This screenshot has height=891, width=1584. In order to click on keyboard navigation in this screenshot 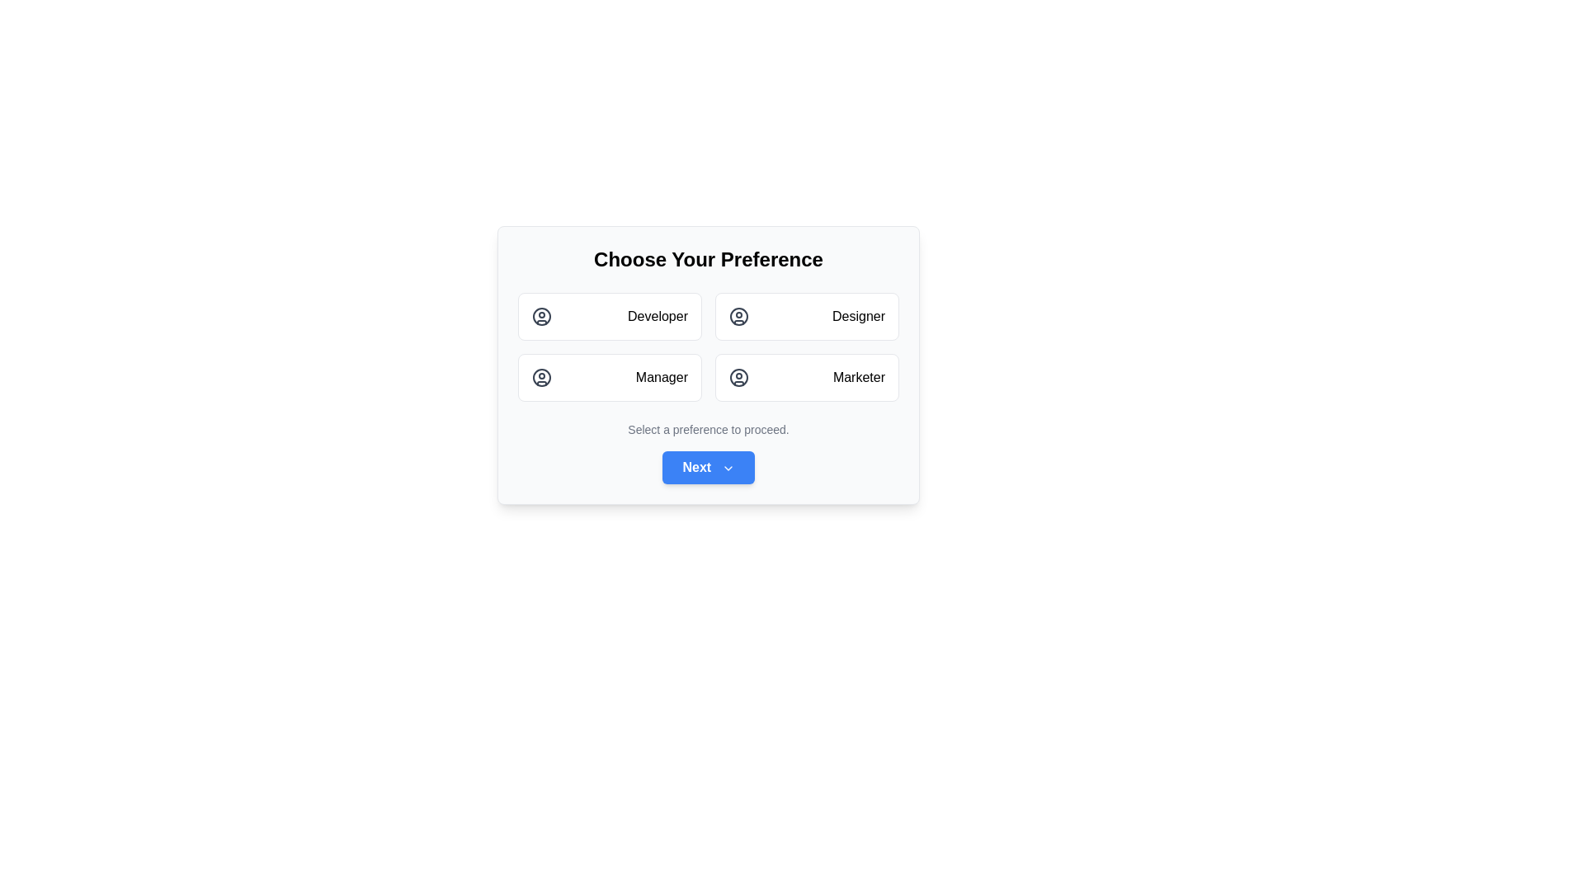, I will do `click(807, 317)`.